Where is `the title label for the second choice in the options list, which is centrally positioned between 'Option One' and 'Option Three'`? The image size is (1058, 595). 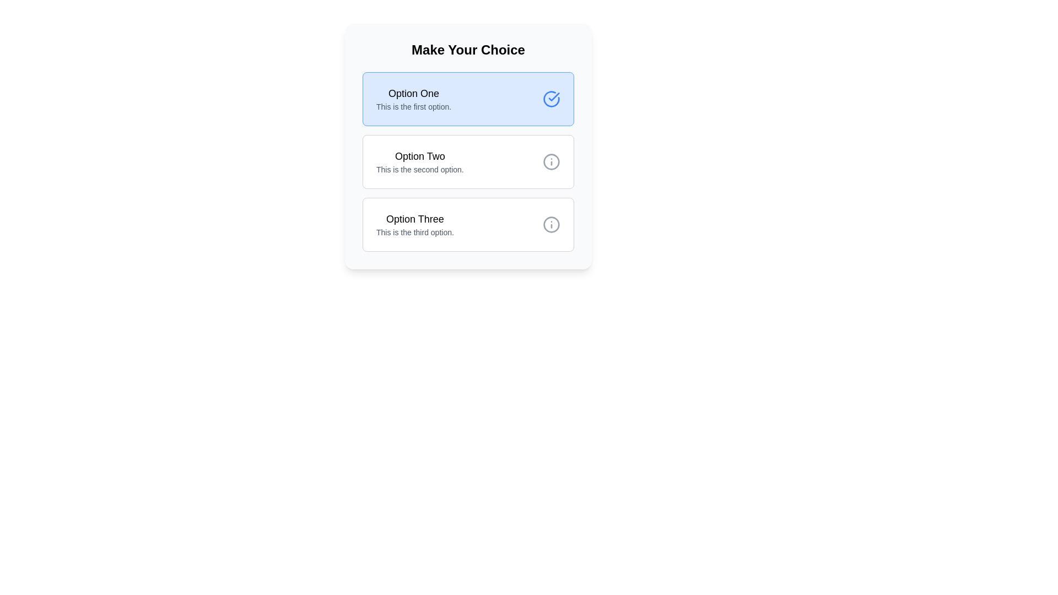
the title label for the second choice in the options list, which is centrally positioned between 'Option One' and 'Option Three' is located at coordinates (419, 156).